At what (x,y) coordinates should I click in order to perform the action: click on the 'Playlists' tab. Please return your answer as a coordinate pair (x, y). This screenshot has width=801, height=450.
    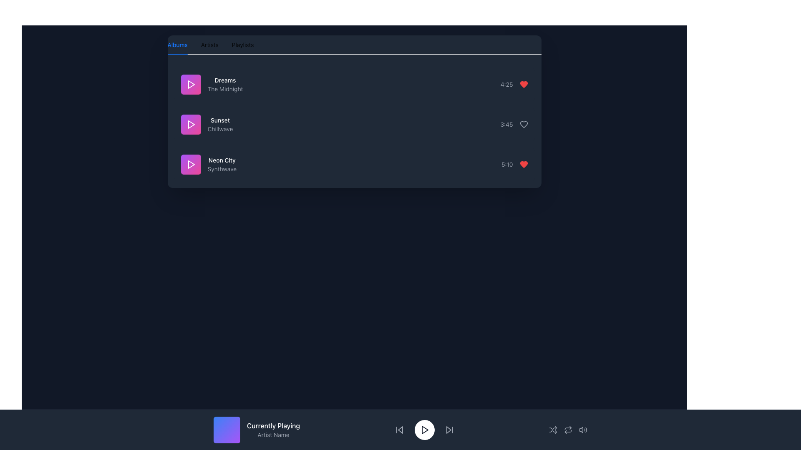
    Looking at the image, I should click on (242, 45).